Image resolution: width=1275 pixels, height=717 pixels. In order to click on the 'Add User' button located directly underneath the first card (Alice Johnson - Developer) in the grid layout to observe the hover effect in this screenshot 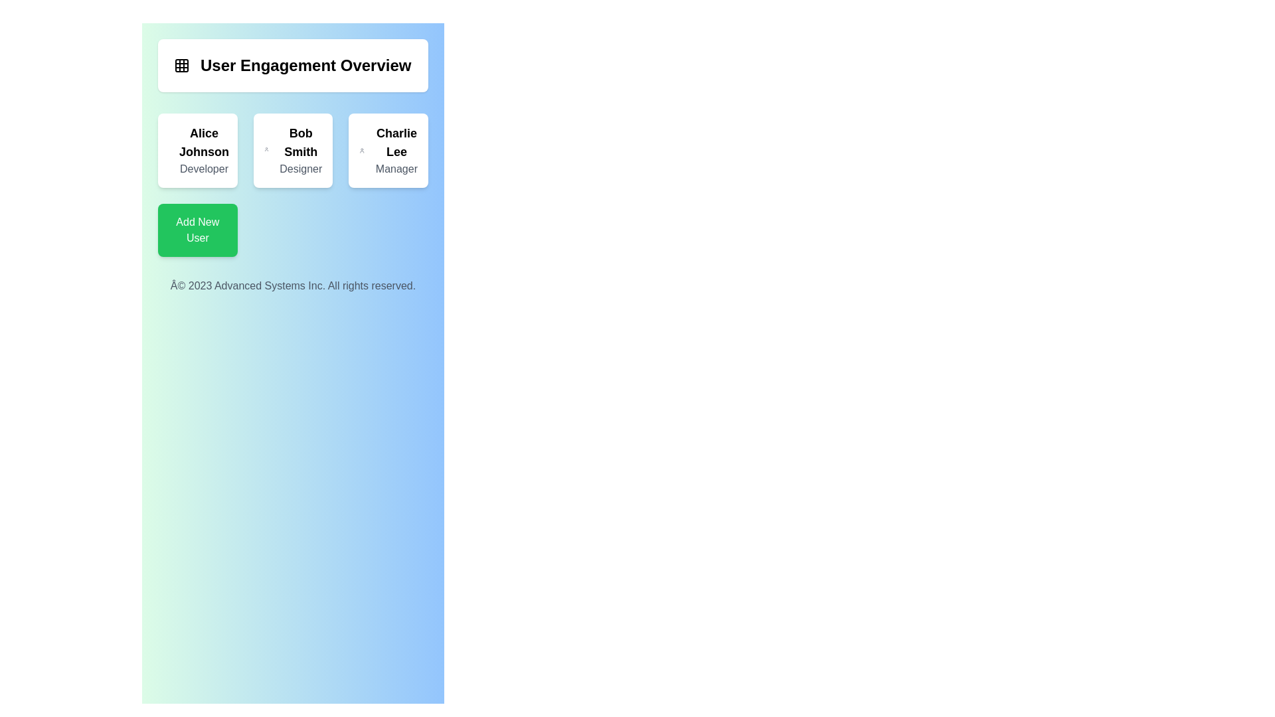, I will do `click(197, 230)`.